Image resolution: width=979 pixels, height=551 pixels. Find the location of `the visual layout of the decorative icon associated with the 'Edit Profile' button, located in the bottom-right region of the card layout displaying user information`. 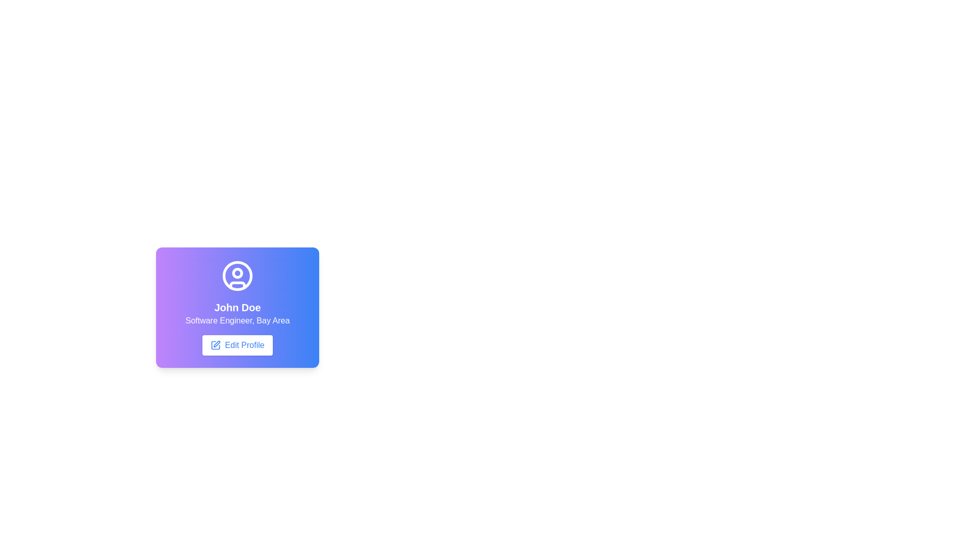

the visual layout of the decorative icon associated with the 'Edit Profile' button, located in the bottom-right region of the card layout displaying user information is located at coordinates (215, 345).